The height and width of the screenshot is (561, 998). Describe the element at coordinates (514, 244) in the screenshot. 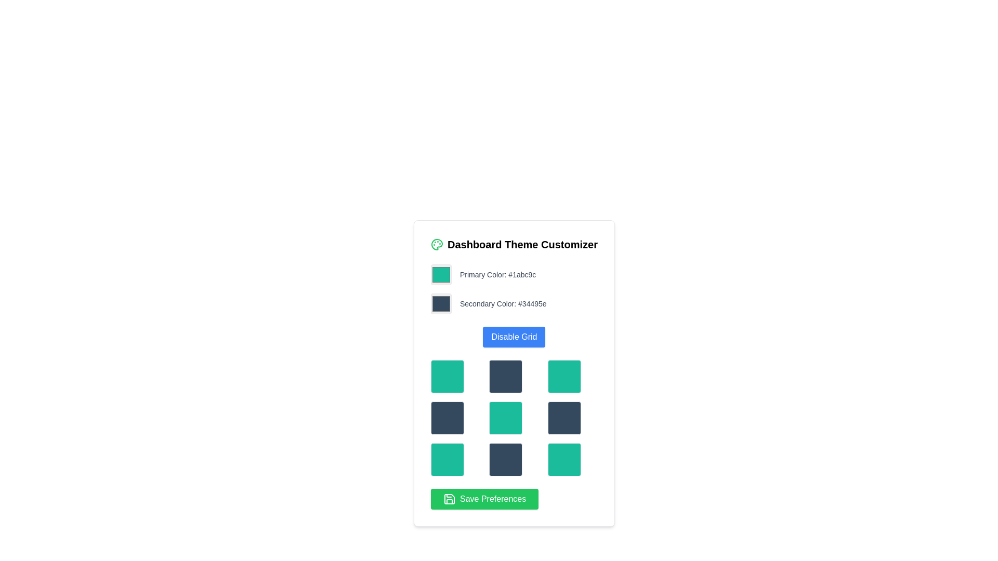

I see `the 'Dashboard Theme Customizer' text label which is styled with bold, large text and positioned next to a green-outlined palette icon at the top of the card interface` at that location.